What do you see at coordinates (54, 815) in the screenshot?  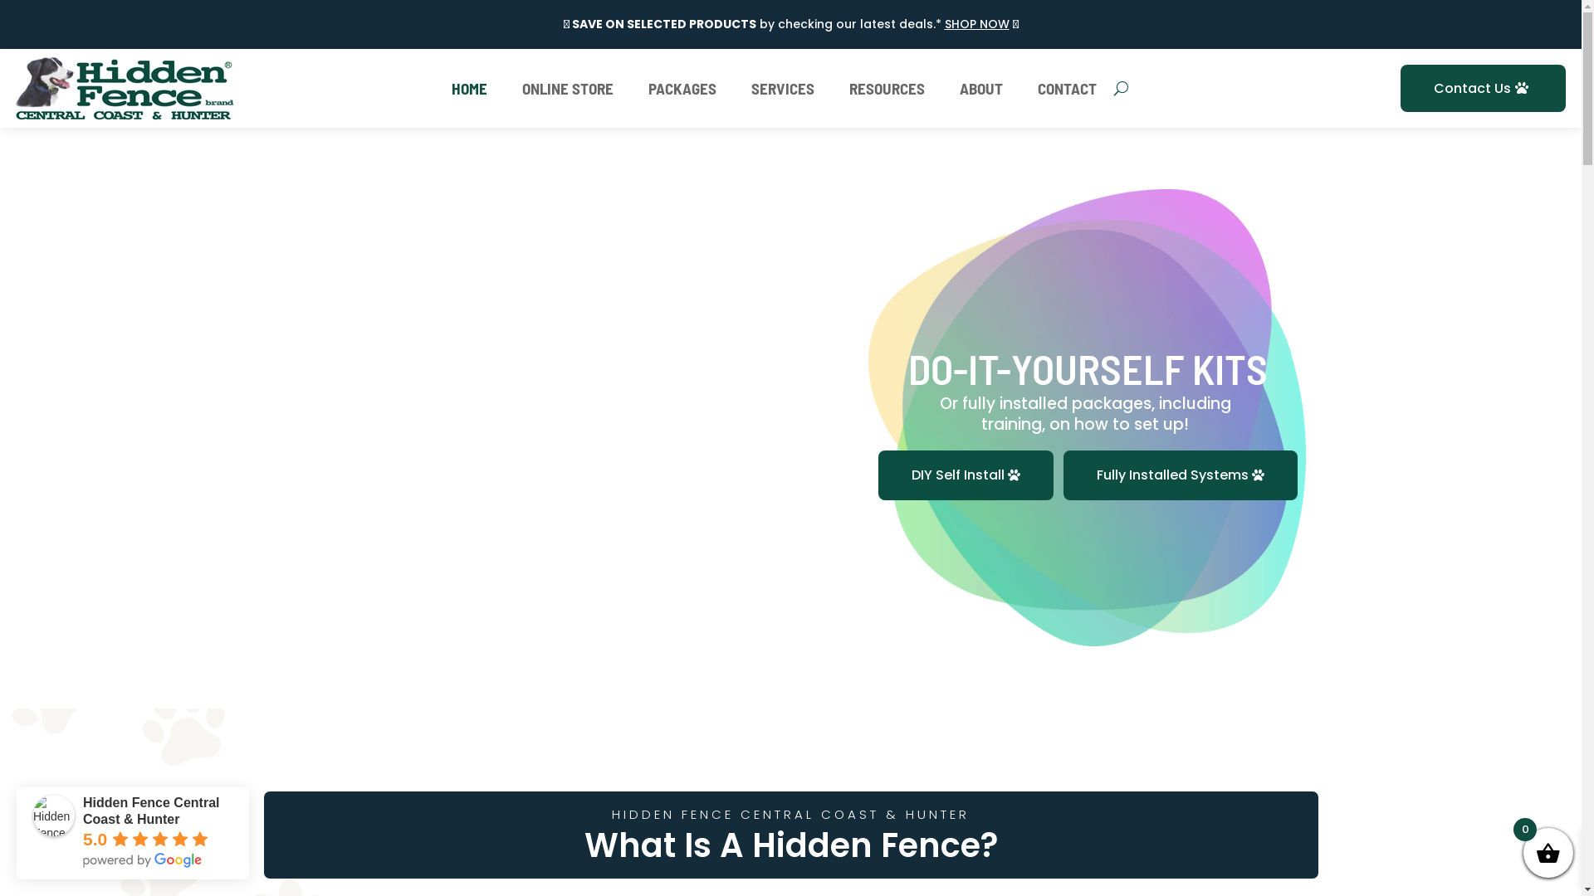 I see `'Hidden Fence Central Coast & Hunter'` at bounding box center [54, 815].